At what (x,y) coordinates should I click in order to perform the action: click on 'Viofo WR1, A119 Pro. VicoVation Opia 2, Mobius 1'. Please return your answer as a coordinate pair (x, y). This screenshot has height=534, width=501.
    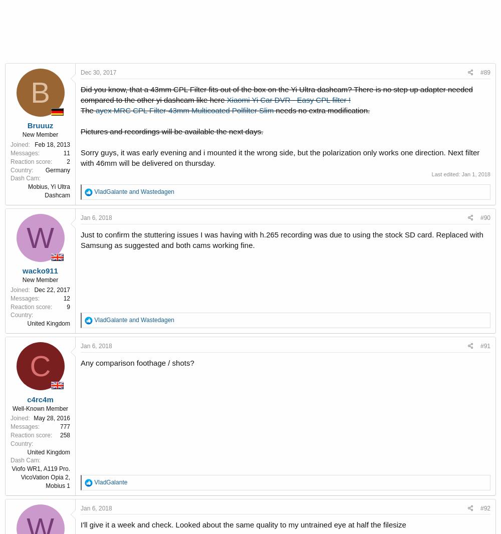
    Looking at the image, I should click on (40, 477).